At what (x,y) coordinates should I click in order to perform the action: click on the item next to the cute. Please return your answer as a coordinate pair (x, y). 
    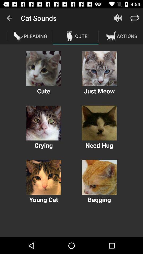
    Looking at the image, I should click on (118, 18).